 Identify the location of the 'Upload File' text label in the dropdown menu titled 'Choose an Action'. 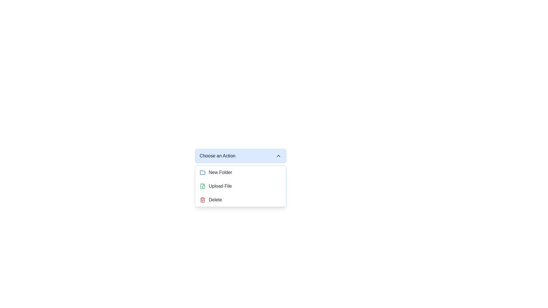
(220, 186).